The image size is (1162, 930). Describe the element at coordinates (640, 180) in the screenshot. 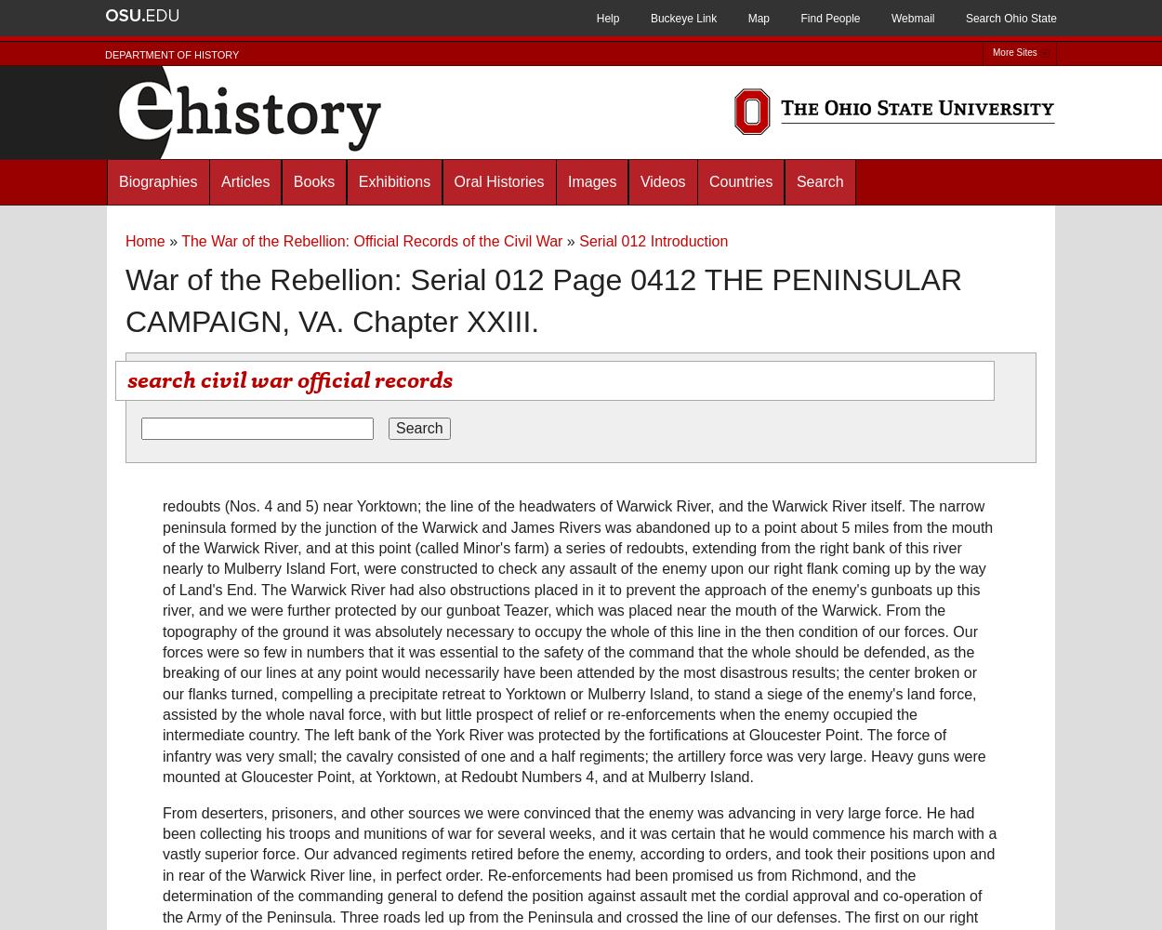

I see `'Videos'` at that location.